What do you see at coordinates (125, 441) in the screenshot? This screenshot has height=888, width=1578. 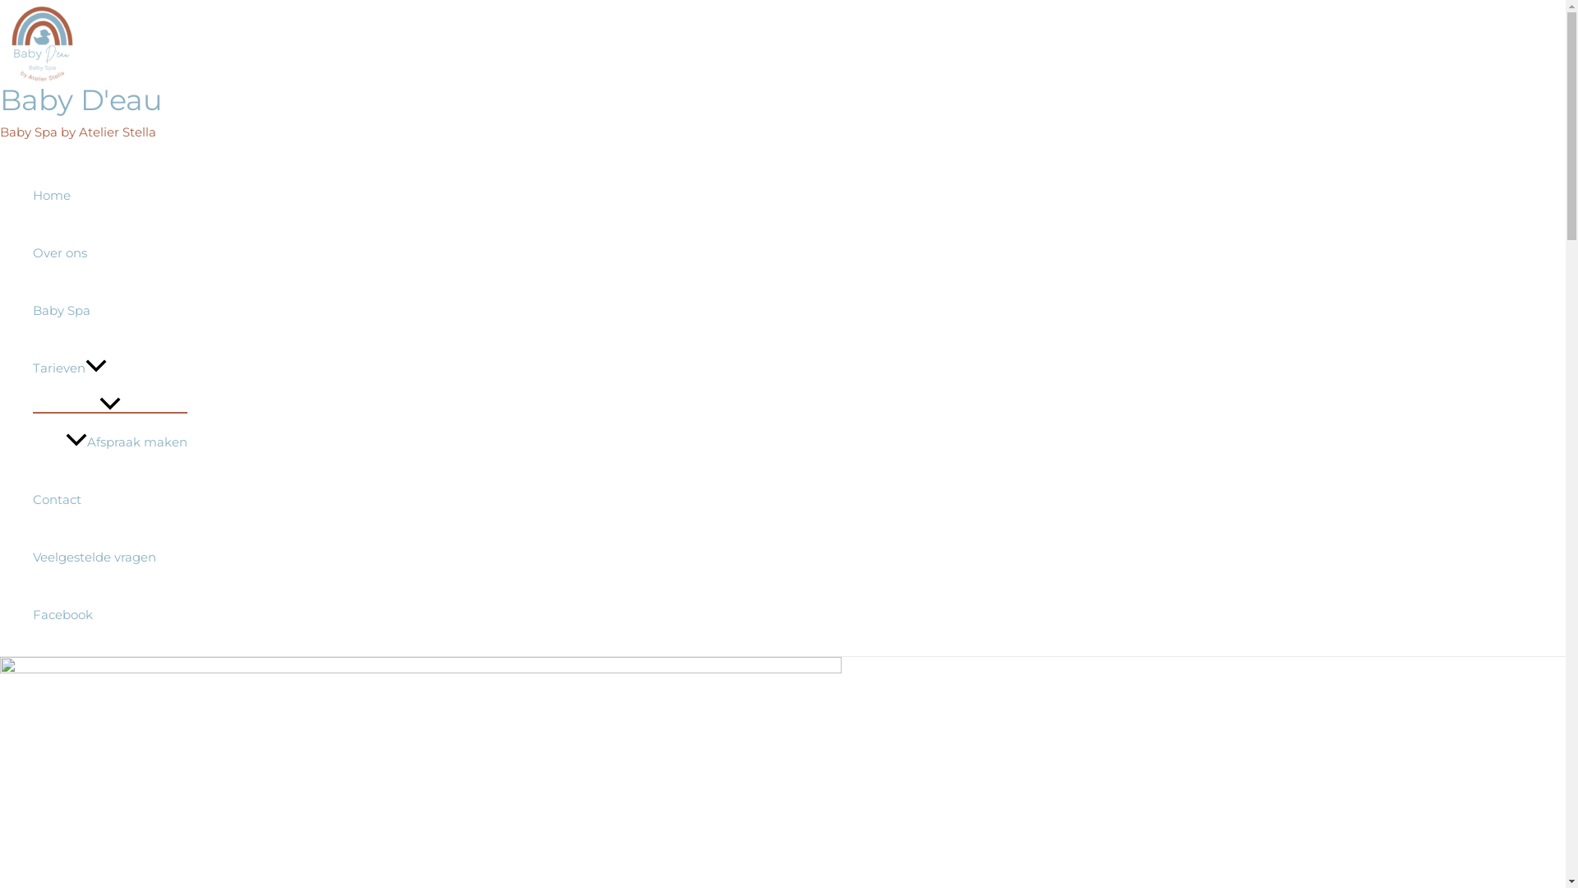 I see `'Afspraak maken'` at bounding box center [125, 441].